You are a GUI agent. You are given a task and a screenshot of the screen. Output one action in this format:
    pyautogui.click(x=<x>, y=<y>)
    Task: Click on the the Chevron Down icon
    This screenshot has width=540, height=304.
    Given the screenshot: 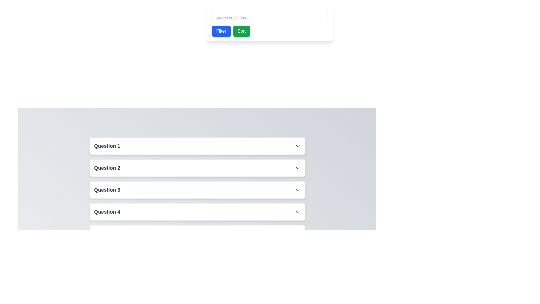 What is the action you would take?
    pyautogui.click(x=297, y=146)
    